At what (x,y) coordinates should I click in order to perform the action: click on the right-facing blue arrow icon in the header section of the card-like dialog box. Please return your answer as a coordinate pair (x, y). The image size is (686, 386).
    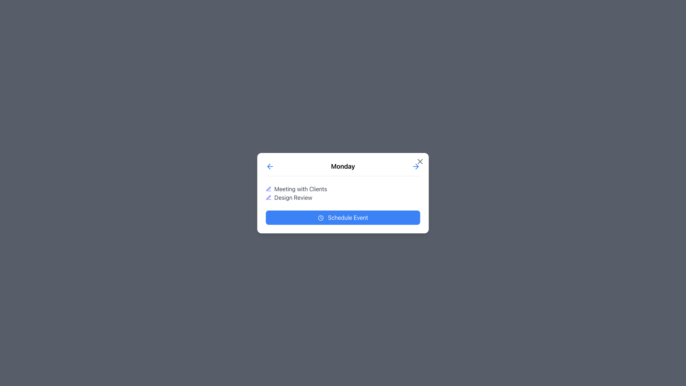
    Looking at the image, I should click on (416, 166).